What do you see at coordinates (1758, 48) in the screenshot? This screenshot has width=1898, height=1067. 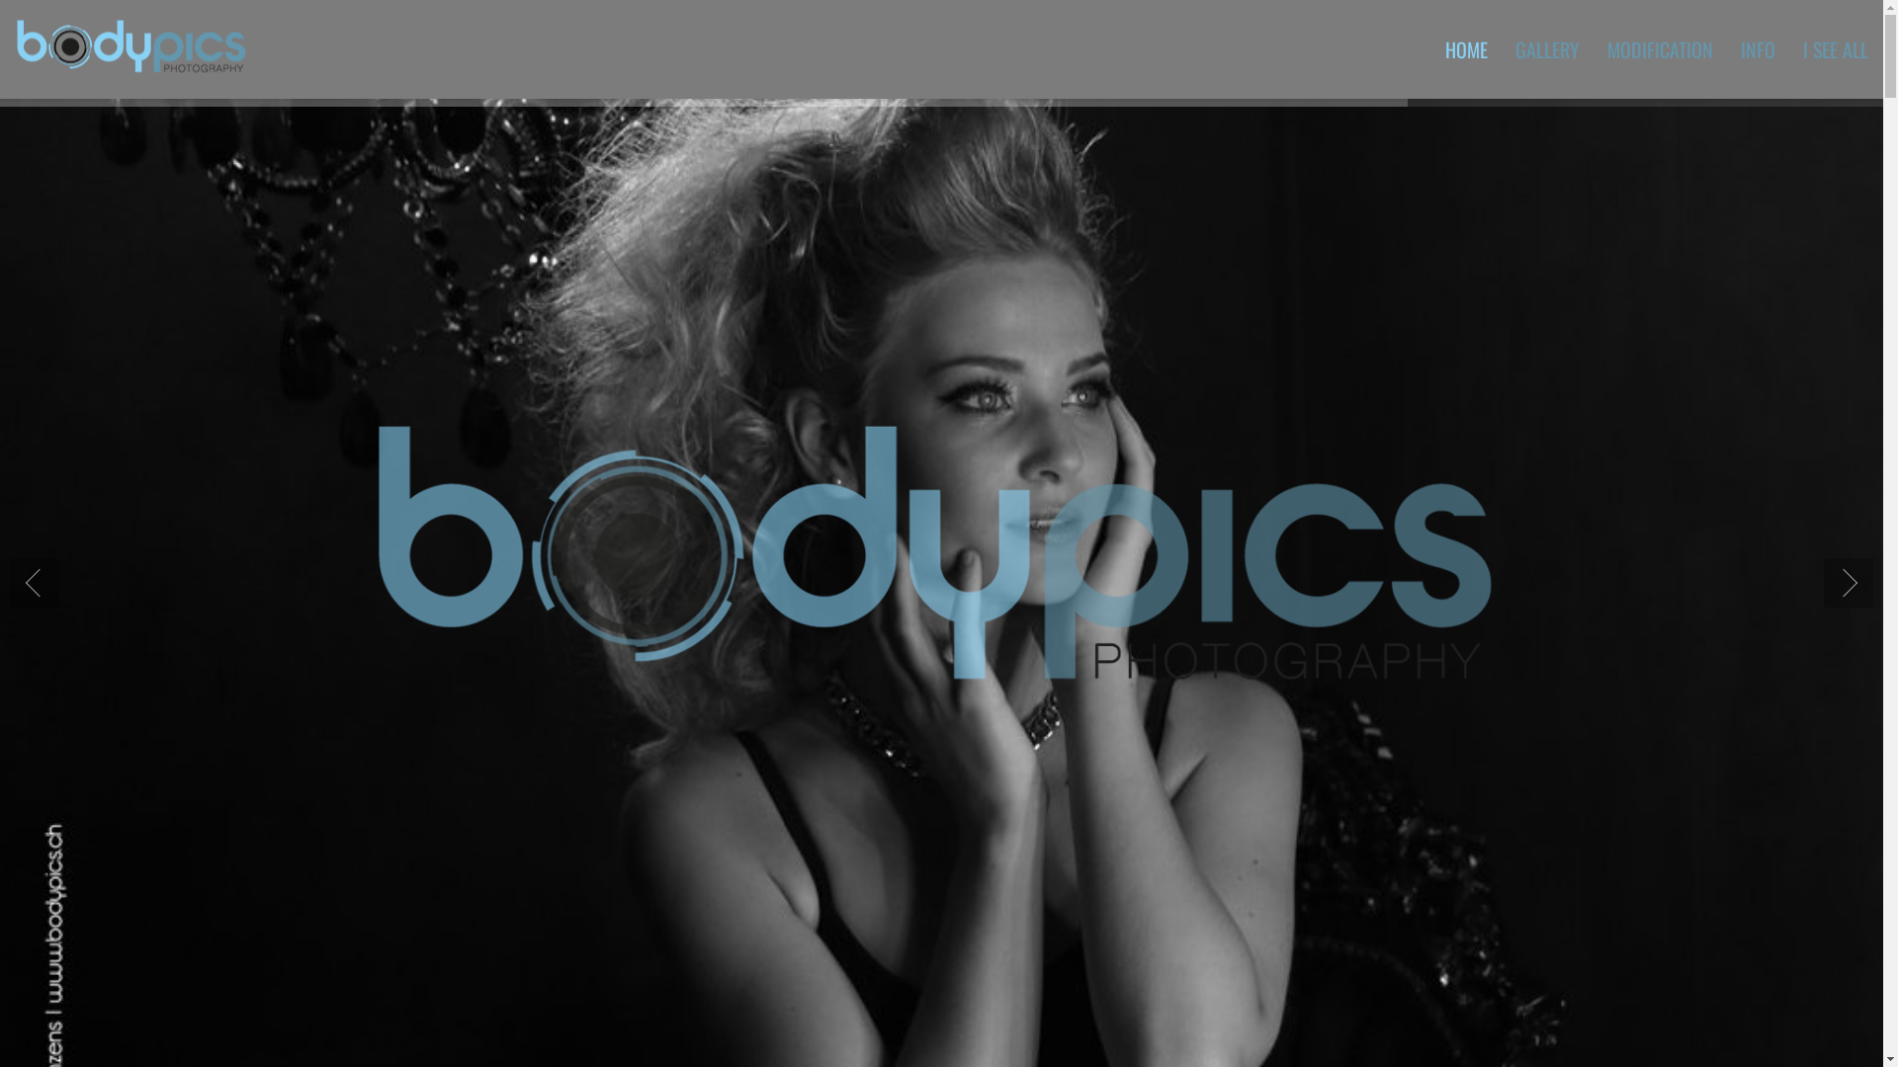 I see `'INFO'` at bounding box center [1758, 48].